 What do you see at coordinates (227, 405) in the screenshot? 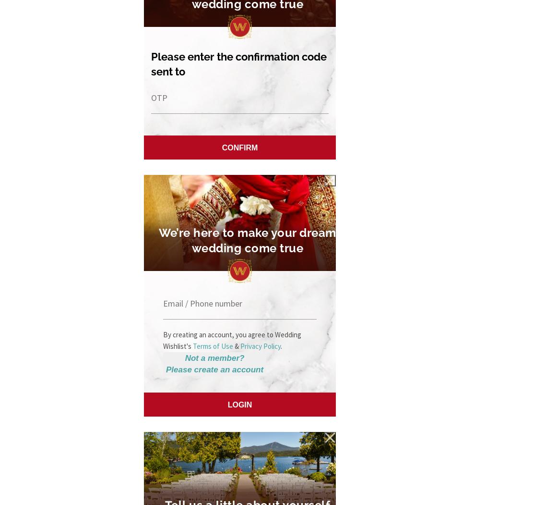
I see `'LOGIN'` at bounding box center [227, 405].